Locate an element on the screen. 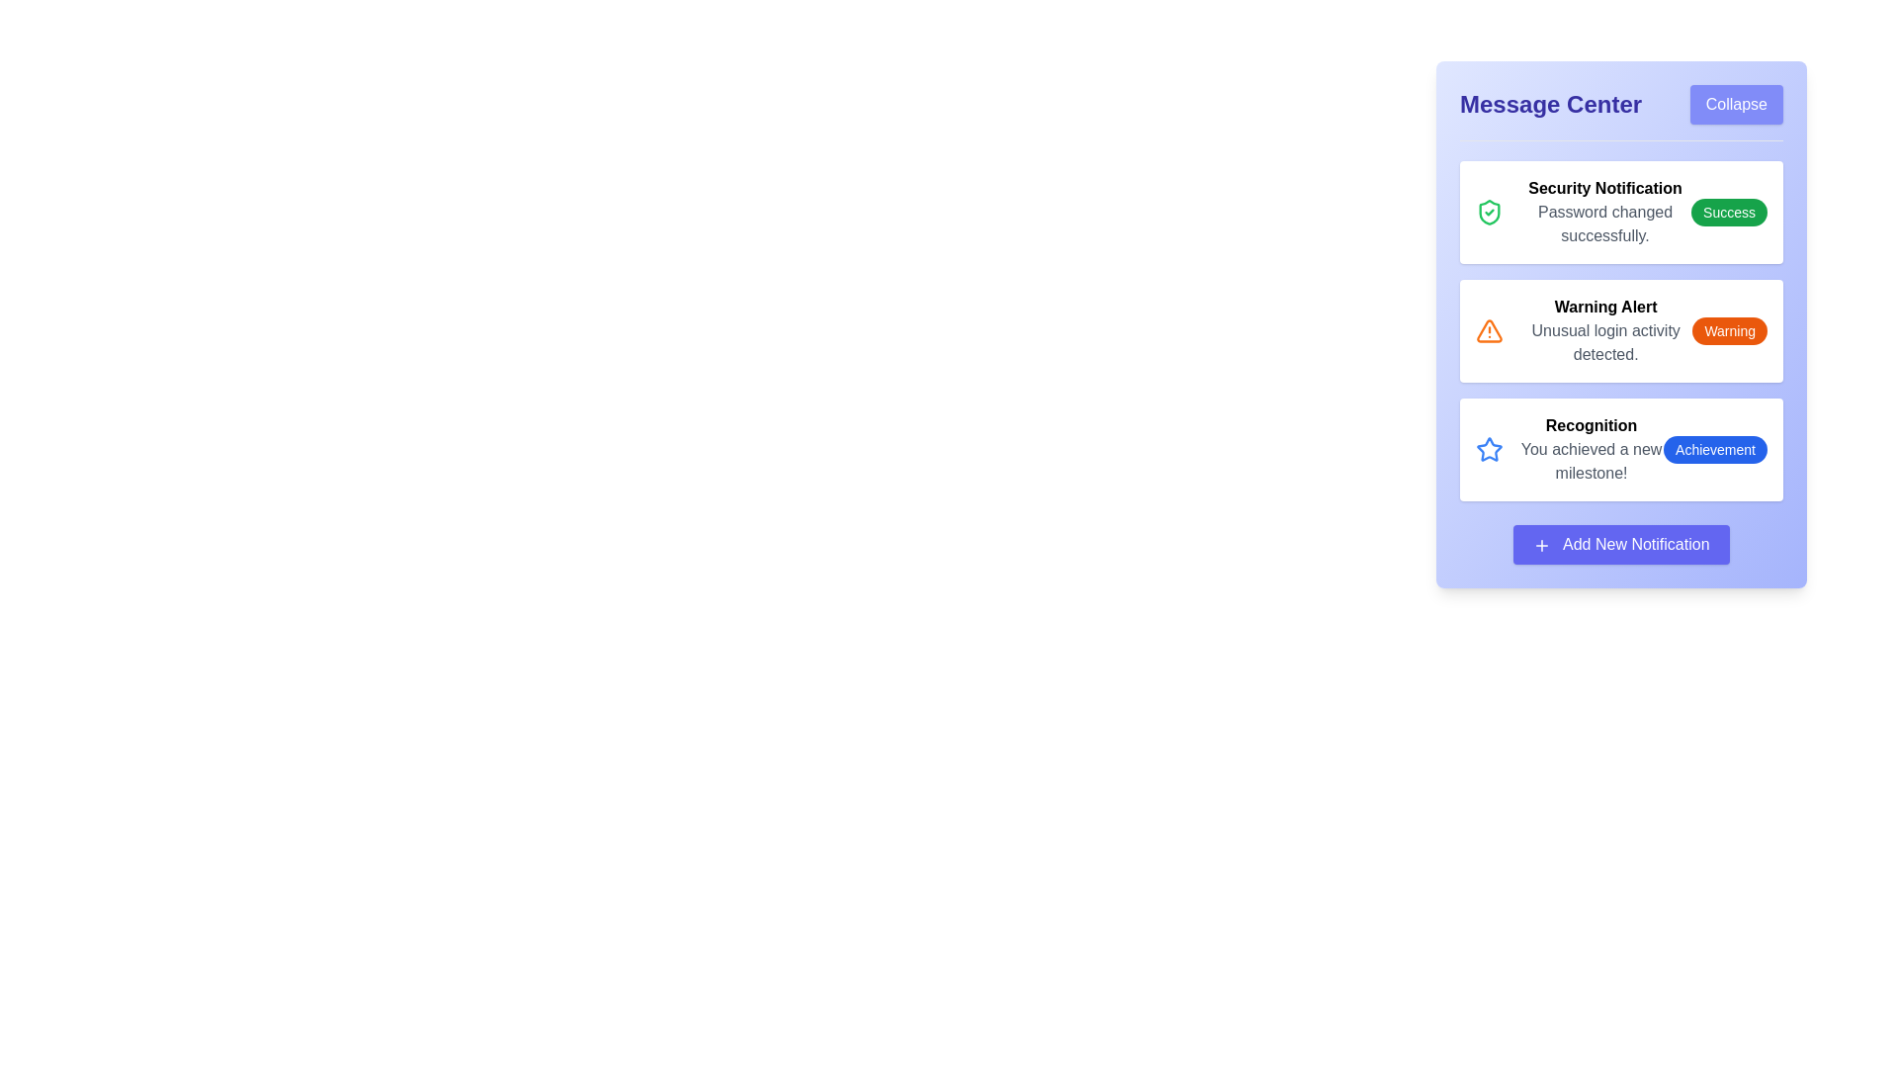  the star icon outlined in blue, which is positioned at the leftmost side of the white card labeled 'Recognition' is located at coordinates (1490, 450).